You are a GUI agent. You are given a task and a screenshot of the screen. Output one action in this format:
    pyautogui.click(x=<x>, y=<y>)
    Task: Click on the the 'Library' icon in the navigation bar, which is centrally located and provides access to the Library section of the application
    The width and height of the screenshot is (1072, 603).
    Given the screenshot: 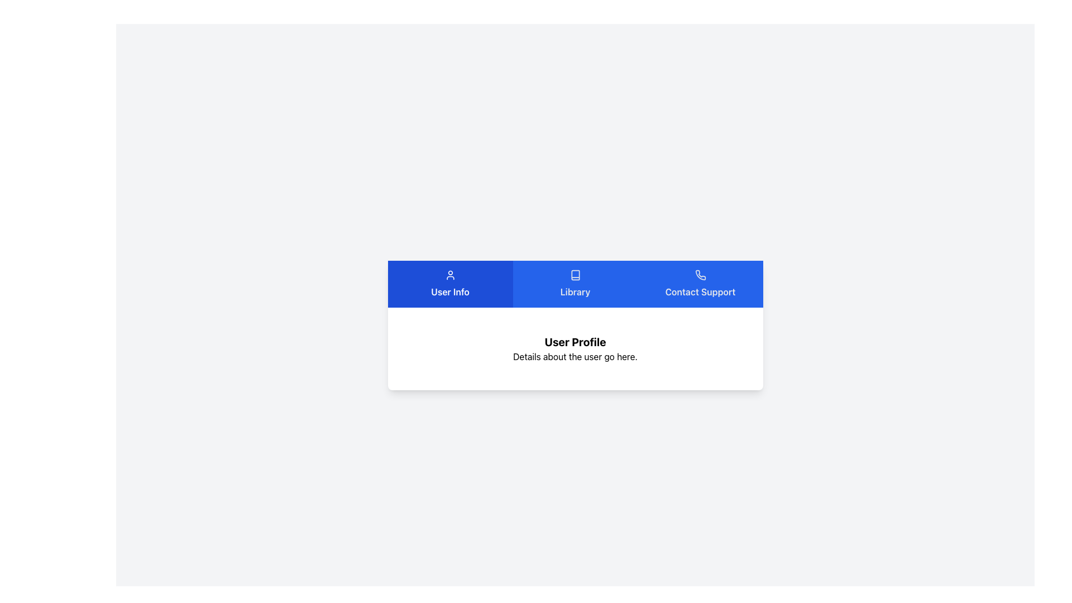 What is the action you would take?
    pyautogui.click(x=575, y=275)
    